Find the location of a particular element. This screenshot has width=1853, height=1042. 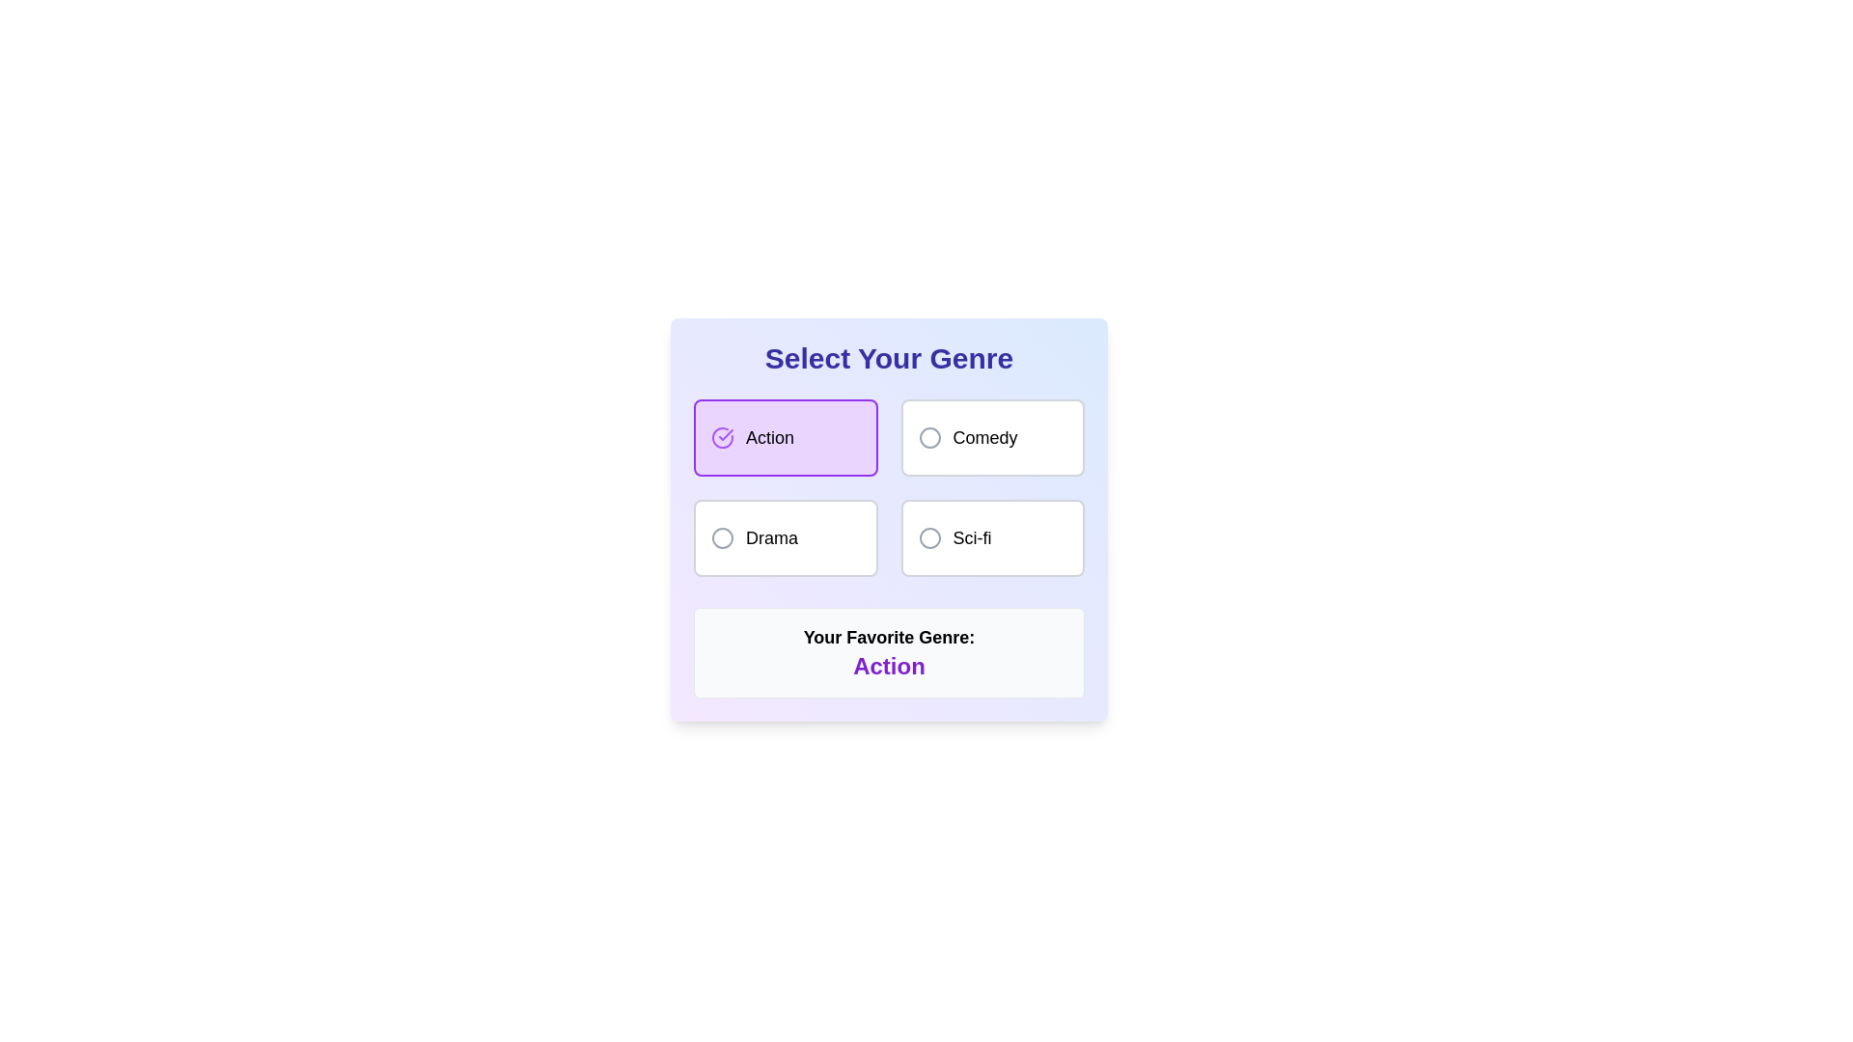

the text label for the selectable option in the genre selection interface located in the bottom-left card under 'Select Your Genre', which is to the right of a circular radio button is located at coordinates (772, 538).